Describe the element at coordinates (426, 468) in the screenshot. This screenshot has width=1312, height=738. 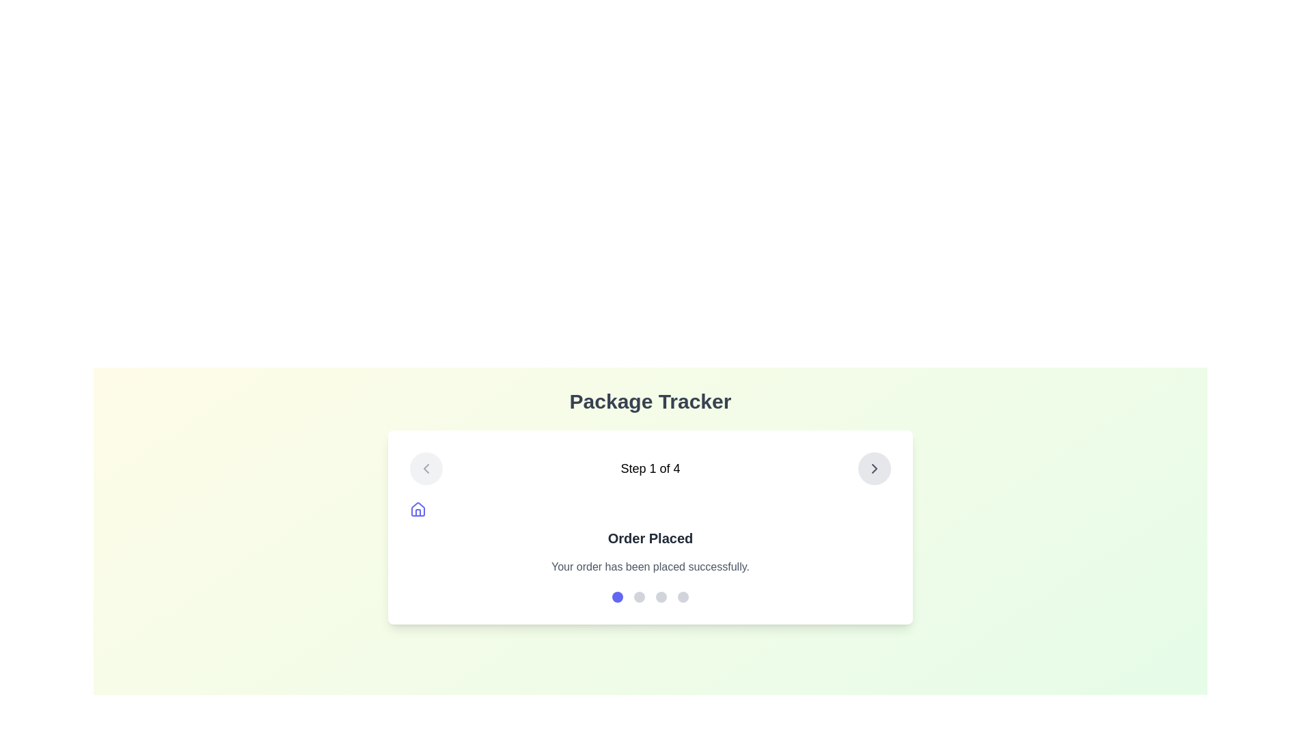
I see `the left-pointing chevron icon styled in gray, which is part of a circular button with a light gray background, located in the top-left corner of the main content box labeled 'Step 1 of 4'` at that location.